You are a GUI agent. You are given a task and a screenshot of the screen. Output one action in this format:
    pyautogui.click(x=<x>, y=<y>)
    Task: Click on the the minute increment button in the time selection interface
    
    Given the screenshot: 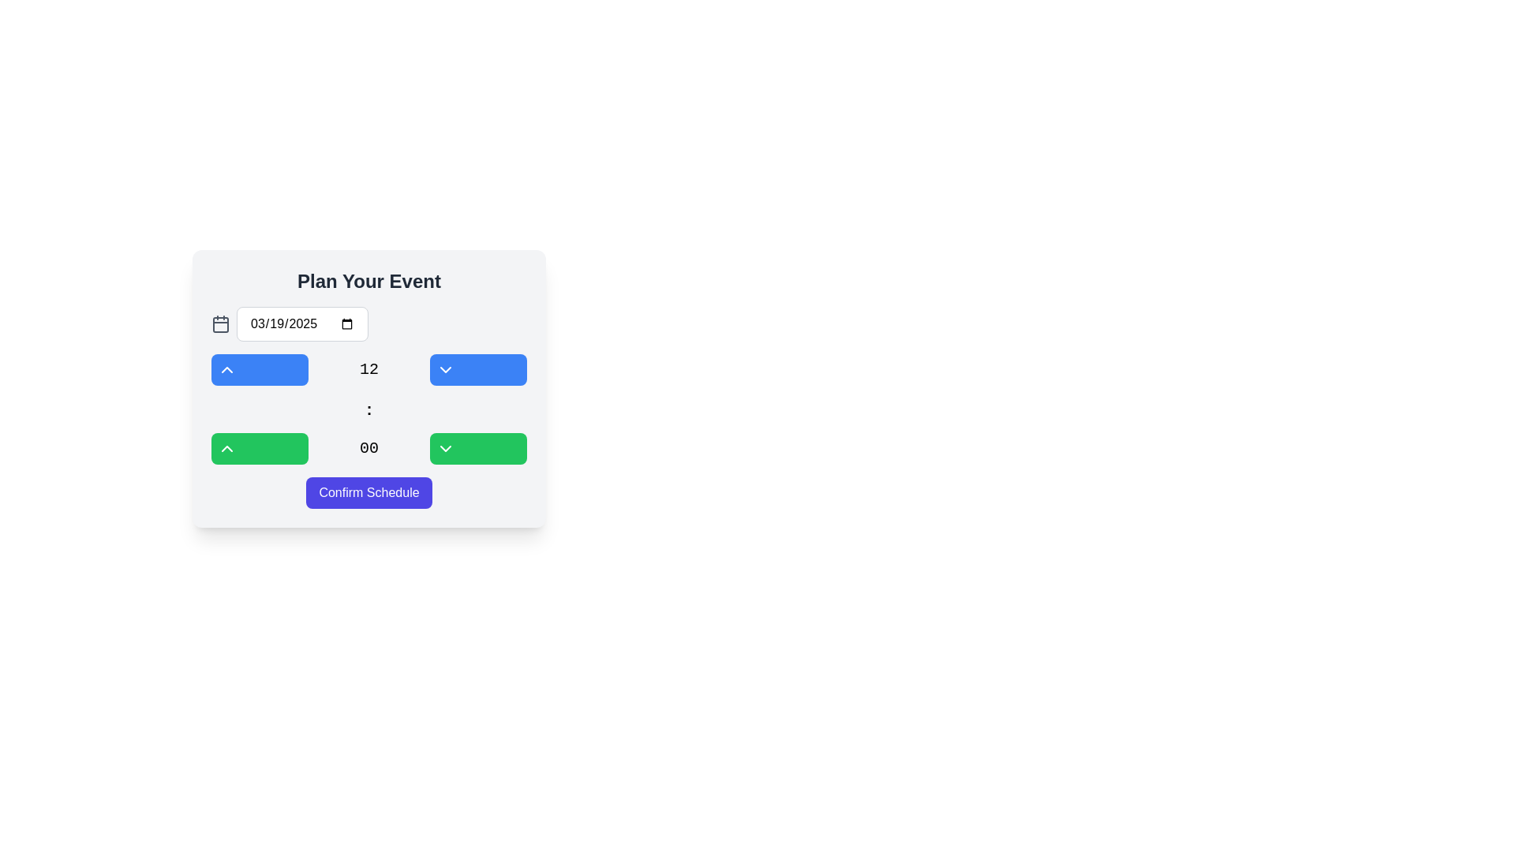 What is the action you would take?
    pyautogui.click(x=260, y=449)
    